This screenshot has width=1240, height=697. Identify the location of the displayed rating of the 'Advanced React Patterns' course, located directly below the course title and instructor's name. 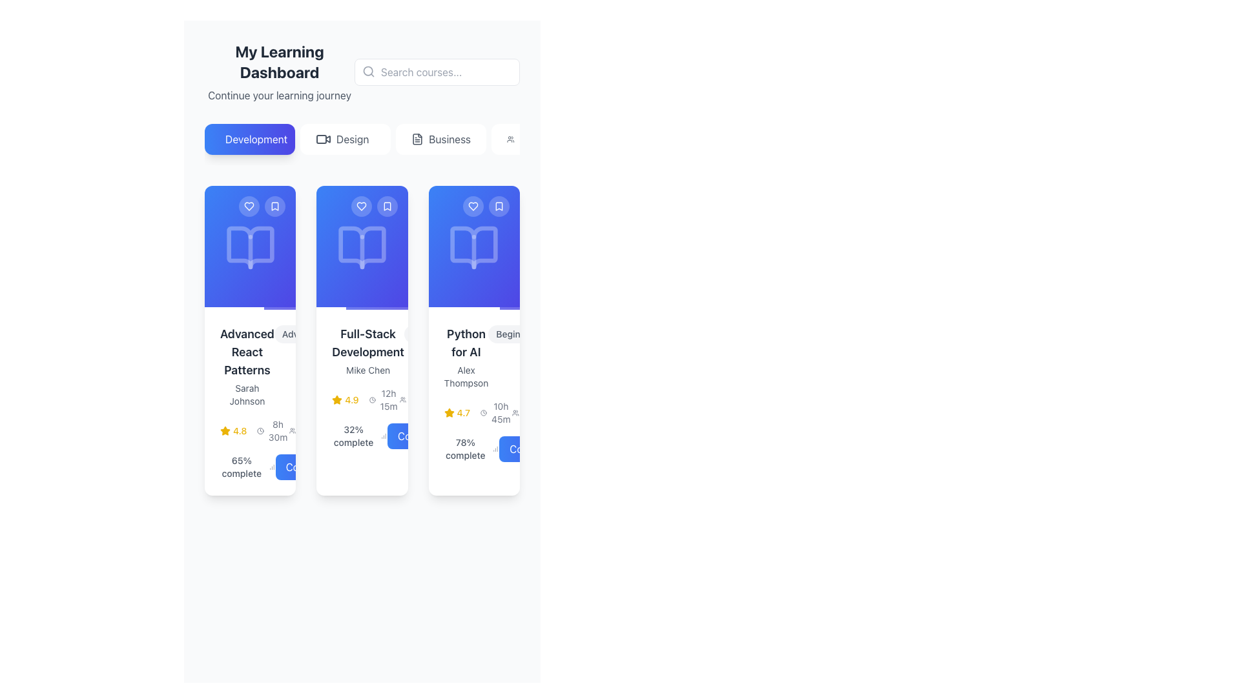
(233, 430).